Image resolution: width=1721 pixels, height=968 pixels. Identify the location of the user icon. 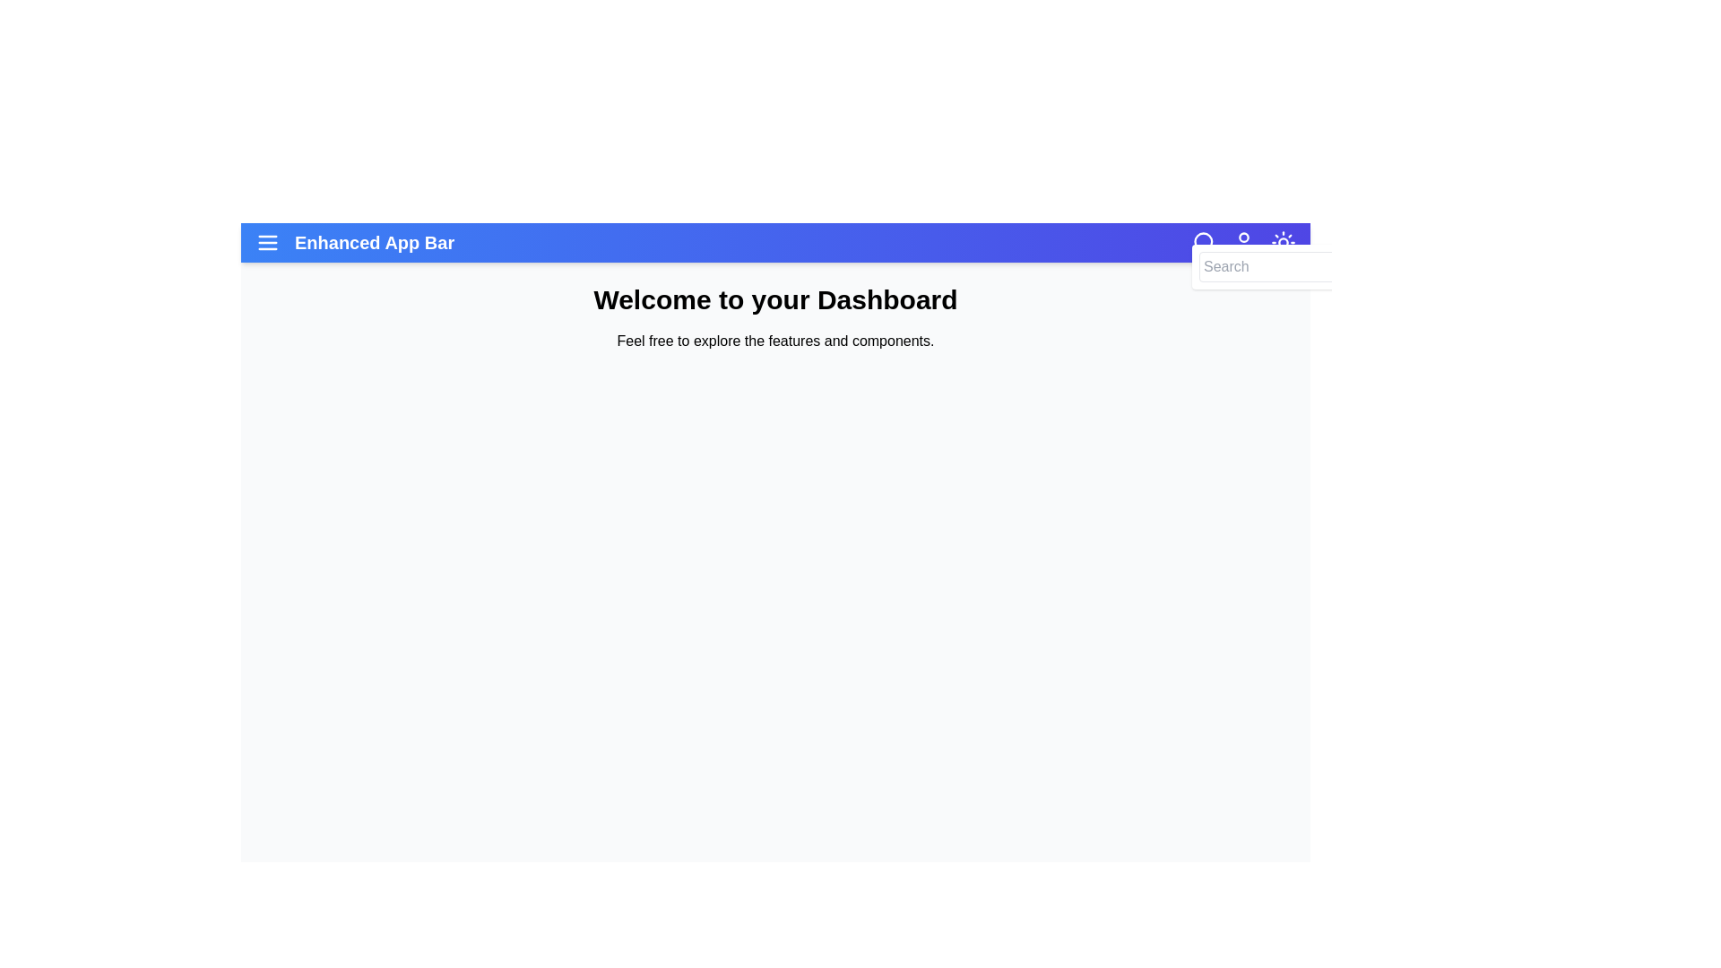
(1242, 242).